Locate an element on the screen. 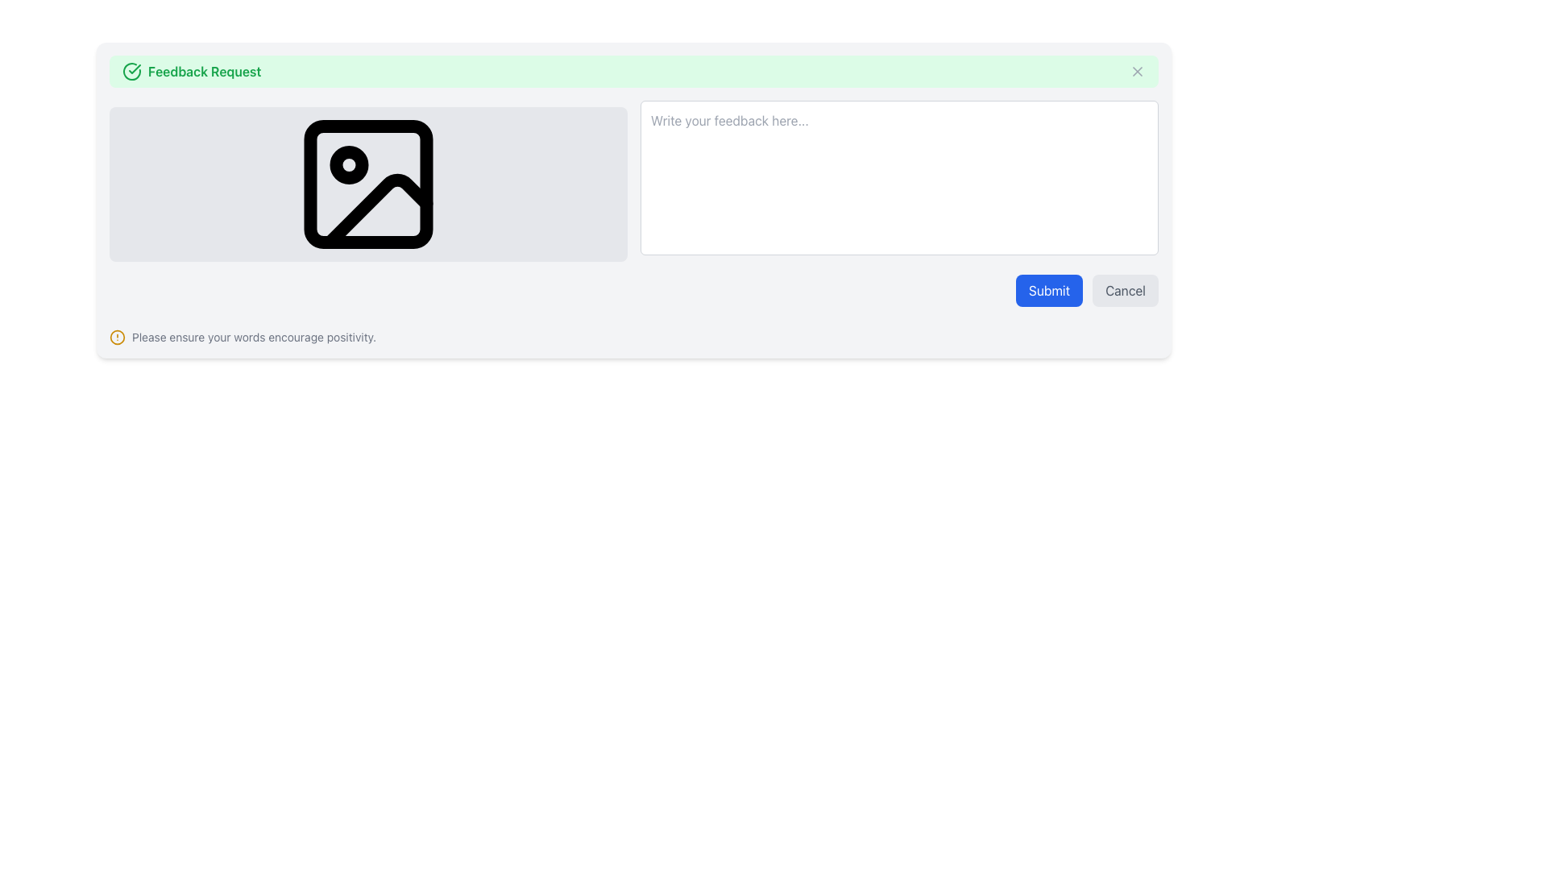  the static text label that conveys a status message, located in the upper-left area of the feedback interface, to the right of a checkmark icon in a light green status bar is located at coordinates (204, 70).